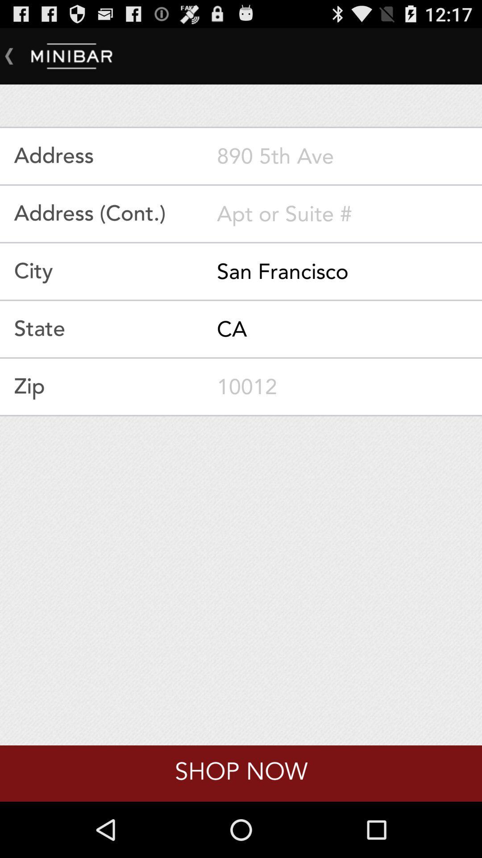 Image resolution: width=482 pixels, height=858 pixels. I want to click on address text box, so click(349, 156).